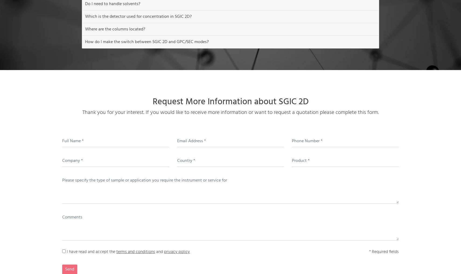  I want to click on 'How do I make the switch between SGIC 2D and GPC/SEC modes?', so click(85, 41).